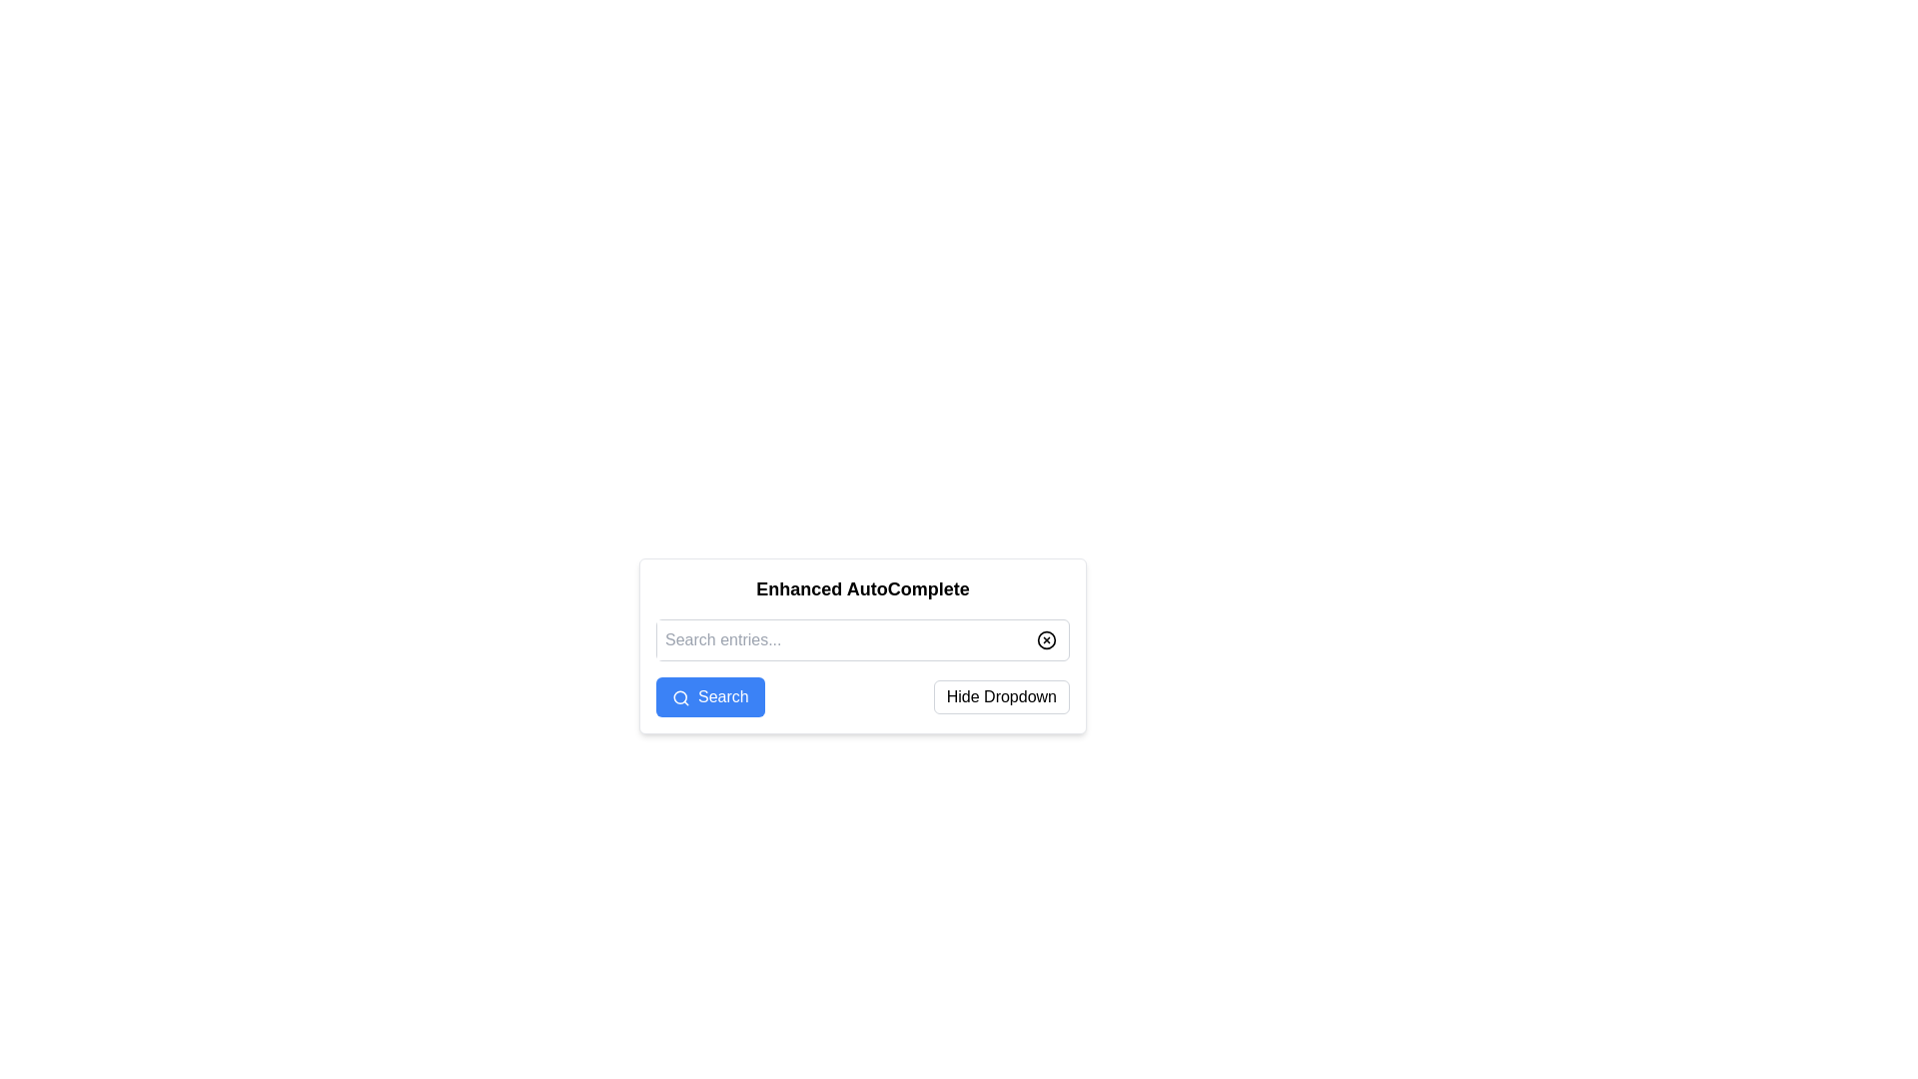 This screenshot has width=1918, height=1079. I want to click on the circular SVG element that resembles the lens of a search magnifying glass, located to the right of the text input field labeled 'Search entries...', so click(680, 696).